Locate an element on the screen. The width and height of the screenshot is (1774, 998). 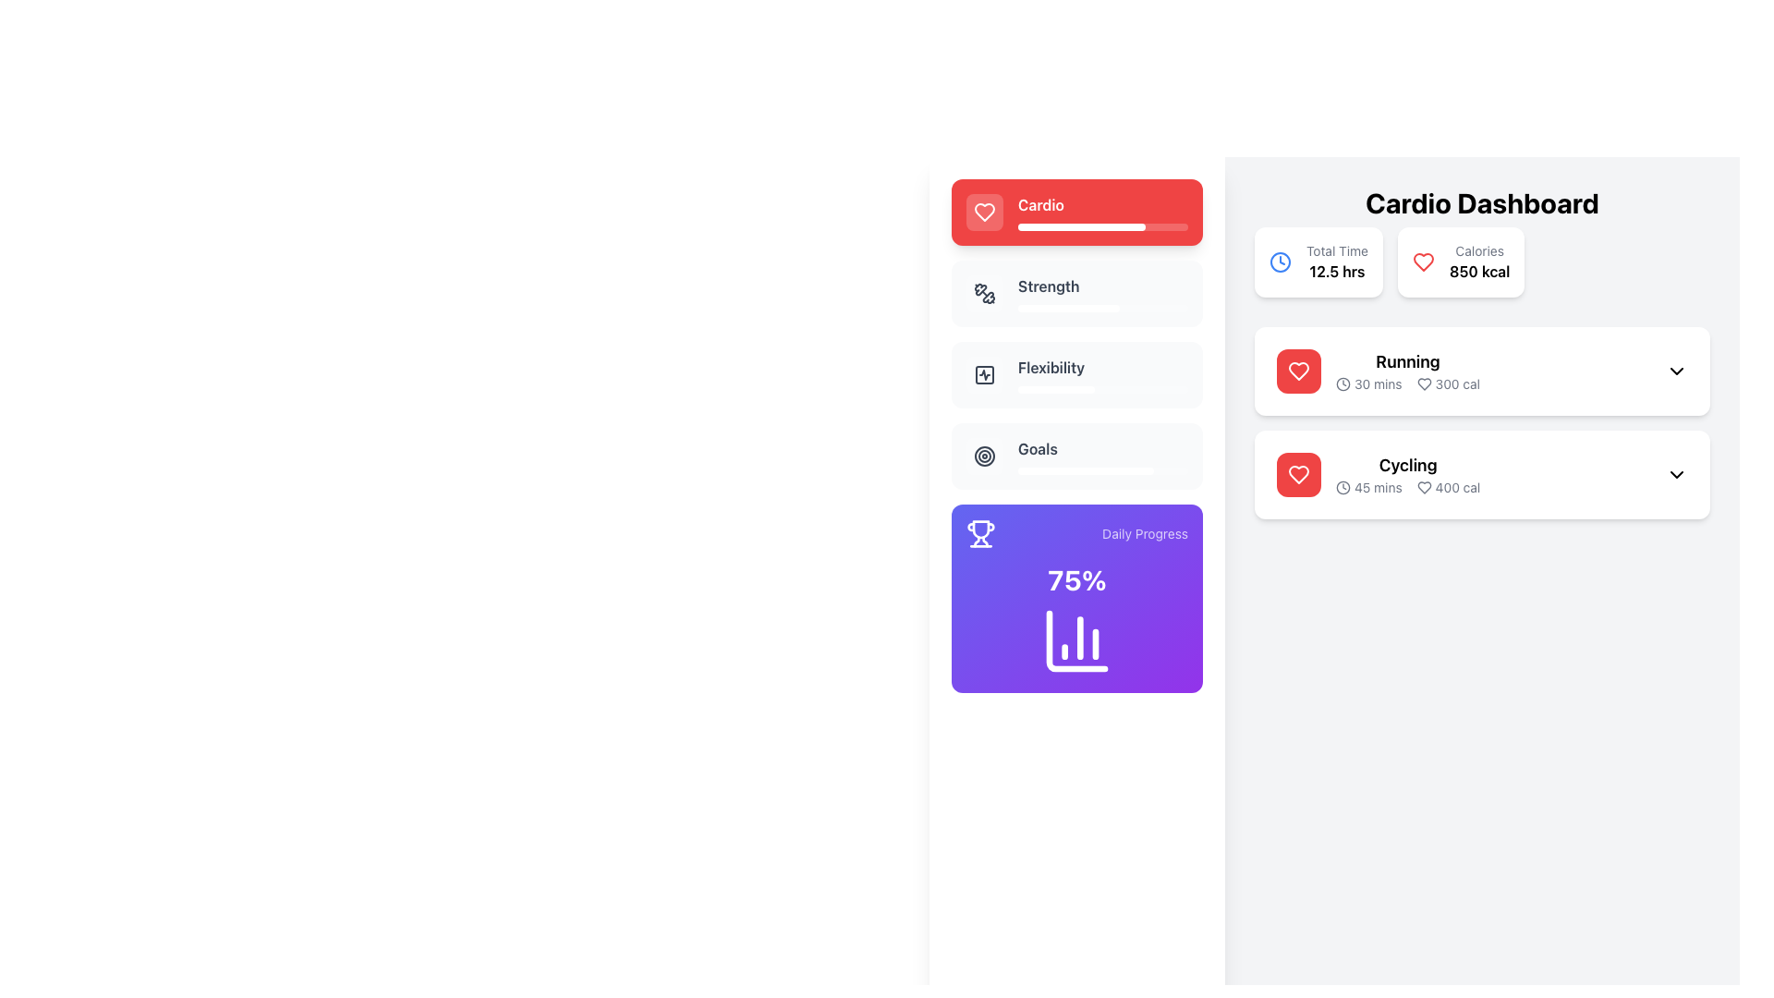
the small rectangular button with a white background and a square wave-like icon, located below the 'Strength' button and above the 'Goals' button is located at coordinates (983, 374).